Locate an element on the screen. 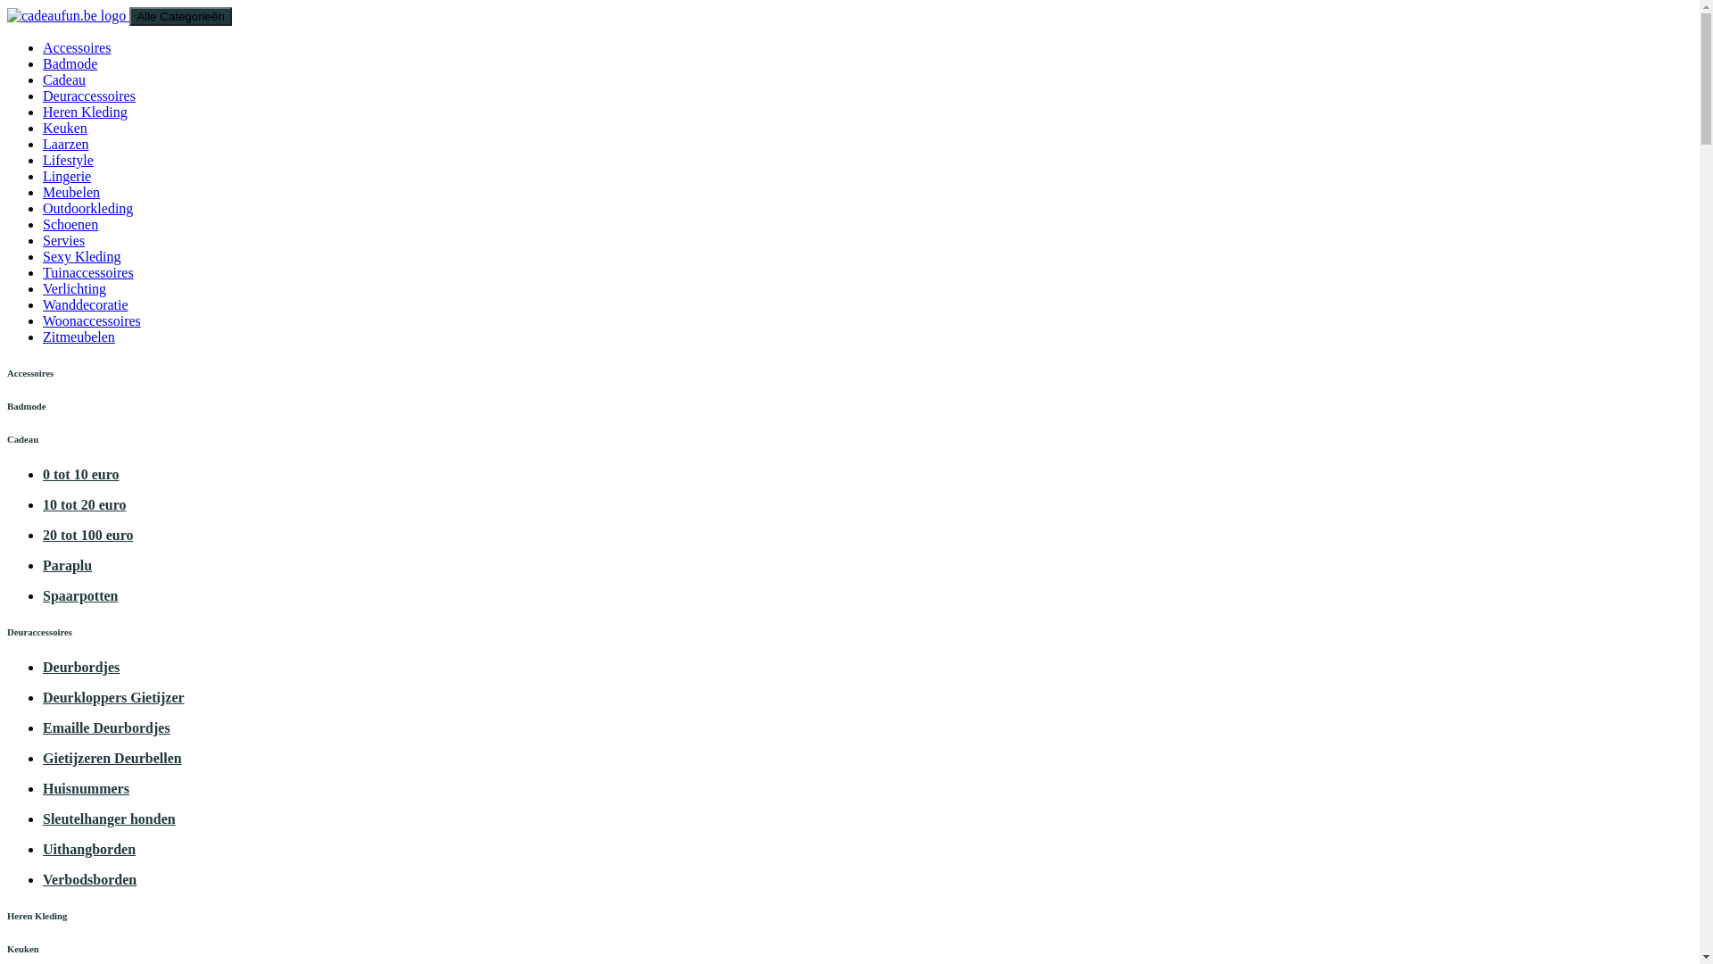 The height and width of the screenshot is (964, 1713). 'Lifestyle' is located at coordinates (68, 159).